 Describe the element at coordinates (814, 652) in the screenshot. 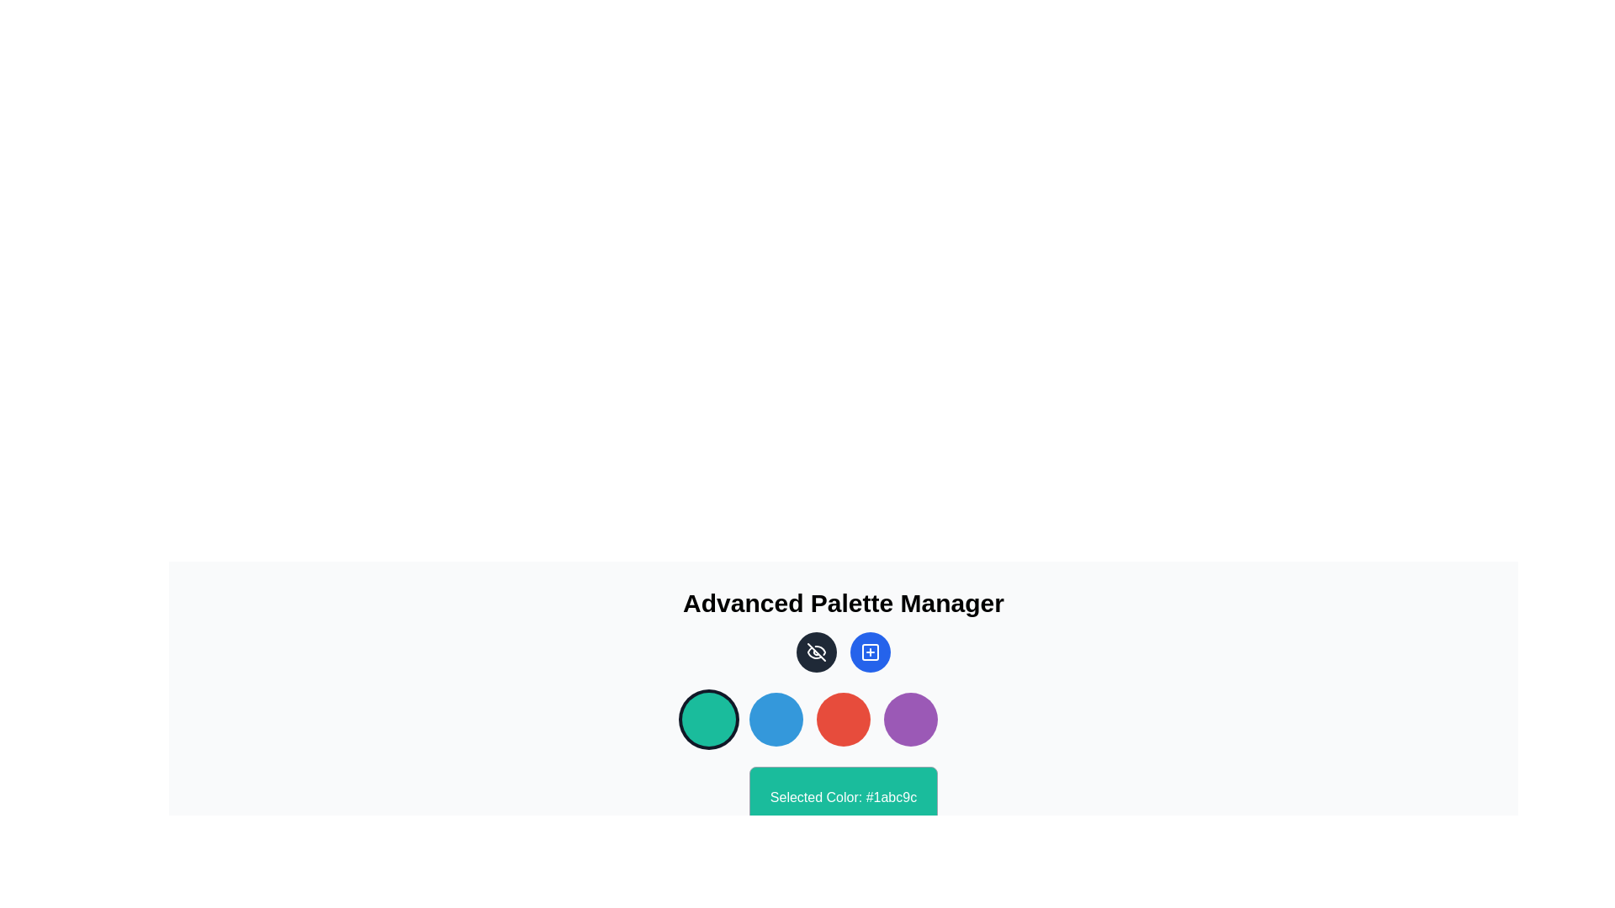

I see `the segment of the eye-off icon located within the circular button, which is positioned below the 'Advanced Palette Manager' heading and to the left of a blue circular icon` at that location.